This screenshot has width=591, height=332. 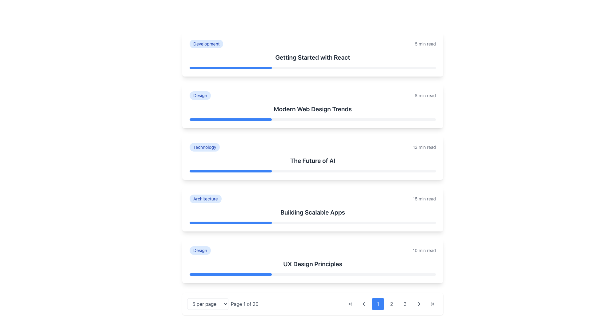 What do you see at coordinates (419, 303) in the screenshot?
I see `the next page button, which is represented by a right-pointing arrow icon with a minimalist design, located at the lower-right corner of the interface` at bounding box center [419, 303].